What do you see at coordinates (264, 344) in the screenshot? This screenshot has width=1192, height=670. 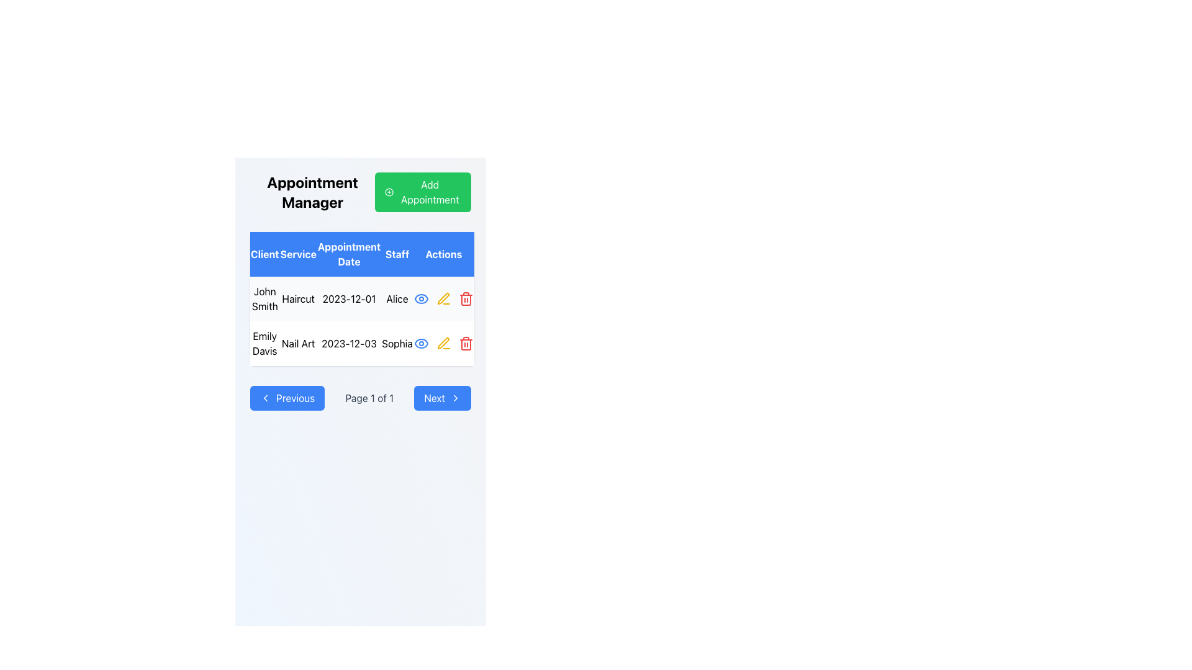 I see `the text label displaying 'Emily Davis' located in the second row under the 'Client Service' column` at bounding box center [264, 344].